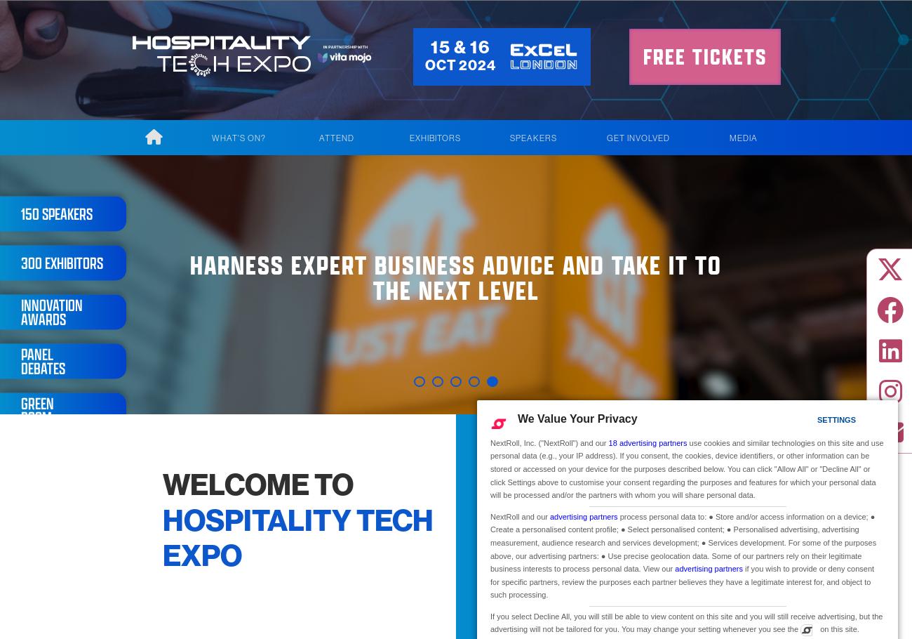 This screenshot has height=639, width=912. What do you see at coordinates (736, 289) in the screenshot?
I see `'Press Opportunities'` at bounding box center [736, 289].